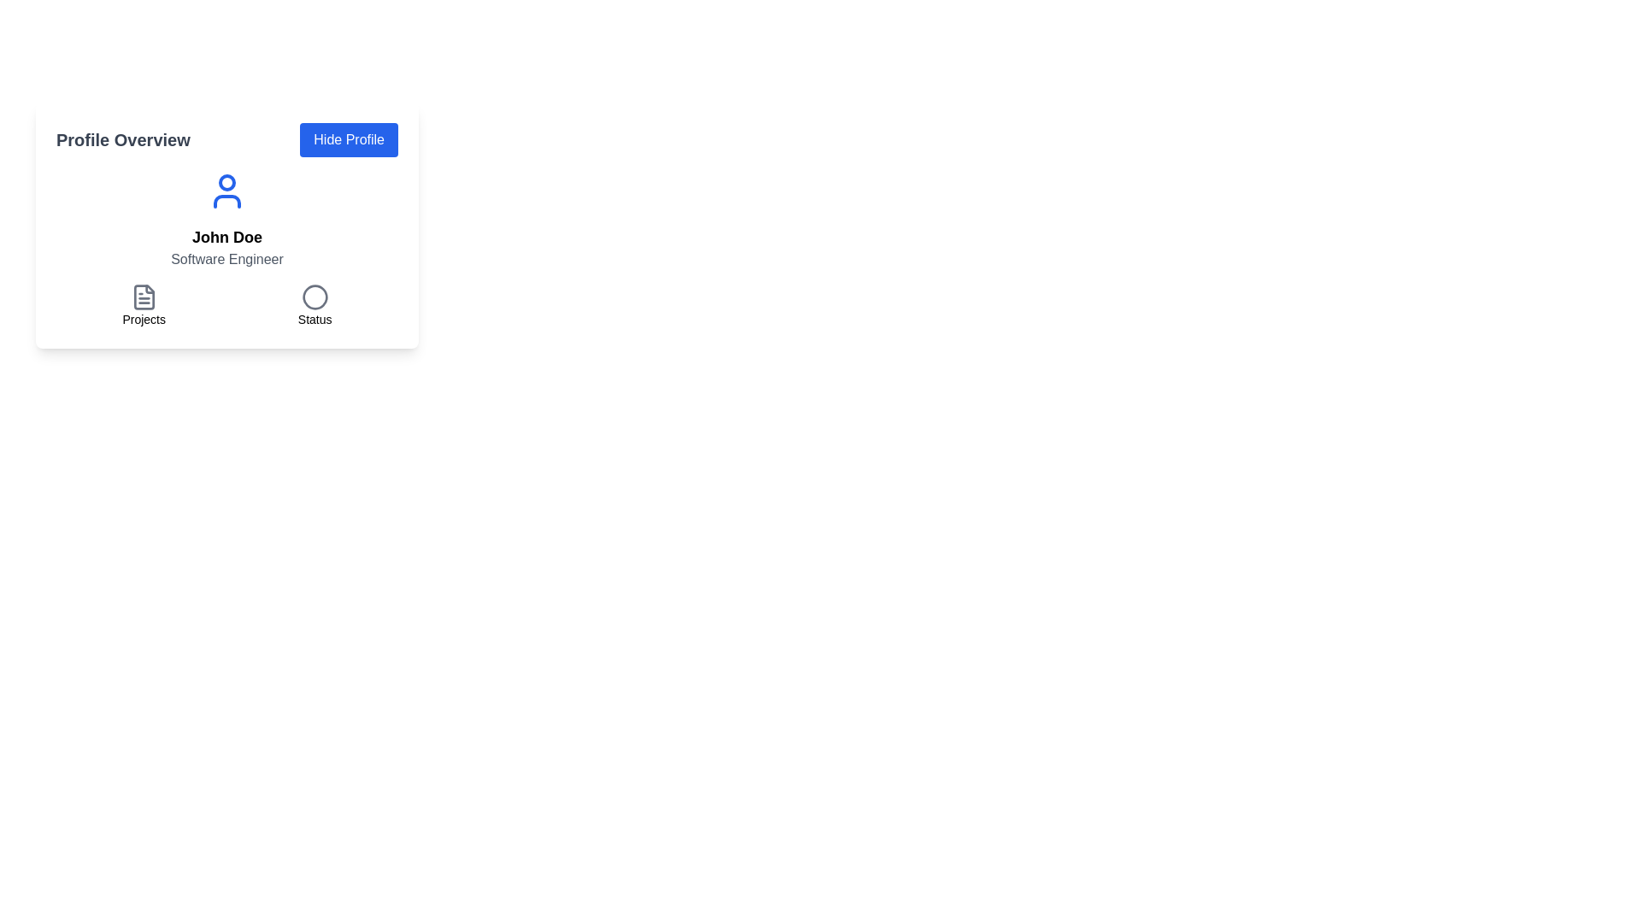 The image size is (1641, 923). I want to click on text content of the 'Software Engineer' label, which is a gray text label located below 'John Doe' in the profile card layout, so click(226, 260).